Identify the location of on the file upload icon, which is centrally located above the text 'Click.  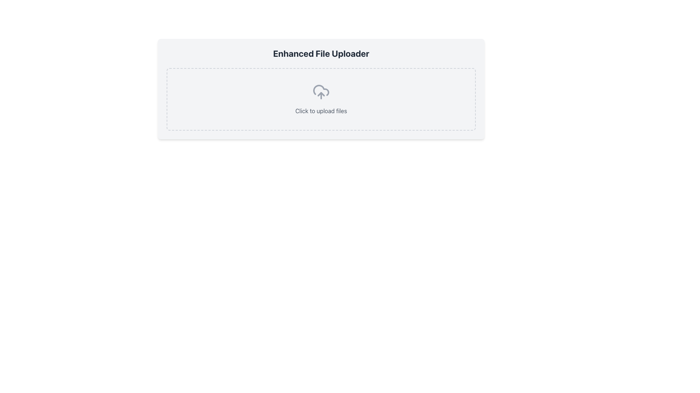
(321, 92).